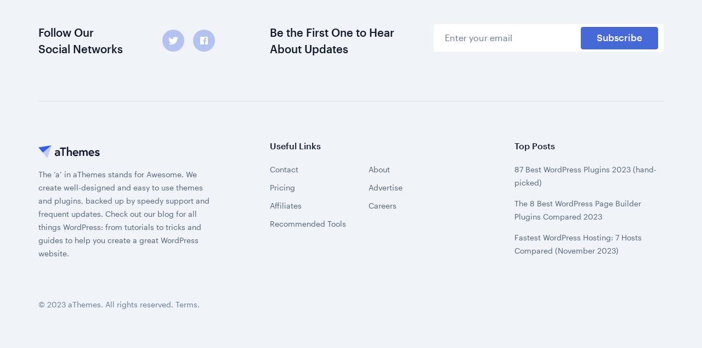  Describe the element at coordinates (124, 76) in the screenshot. I see `'The ‘a’ in aThemes stands for Awesome. We create well-designed and easy to use themes and plugins, backed up by speedy support and frequent updates. Check out our blog for all things WordPress: from tutorials to tricks and guides to help you create a great WordPress website.'` at that location.